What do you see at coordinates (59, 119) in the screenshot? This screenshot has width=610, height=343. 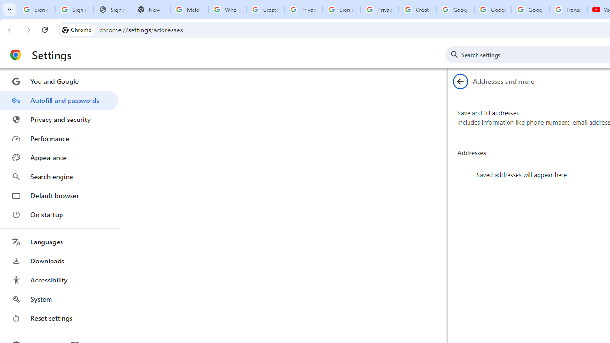 I see `'Privacy and security'` at bounding box center [59, 119].